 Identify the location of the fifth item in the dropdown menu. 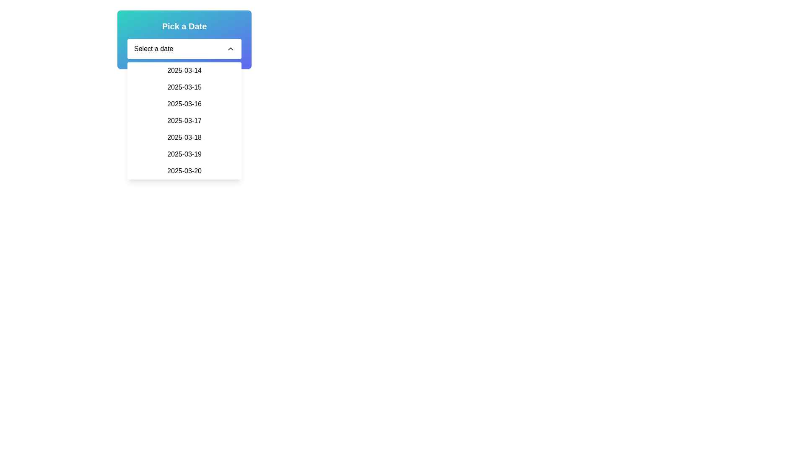
(184, 137).